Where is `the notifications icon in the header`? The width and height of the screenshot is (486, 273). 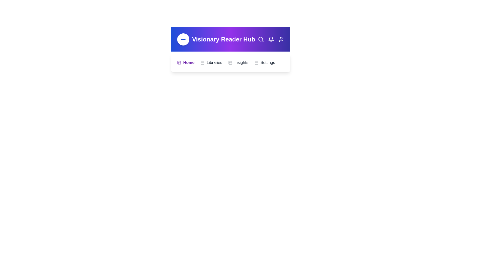 the notifications icon in the header is located at coordinates (271, 39).